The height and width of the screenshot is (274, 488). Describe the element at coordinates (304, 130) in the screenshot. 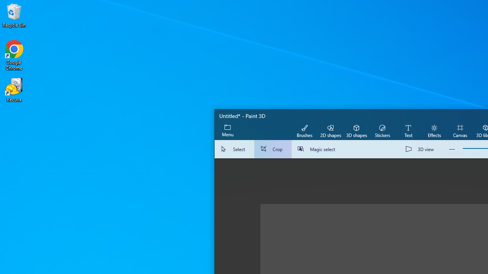

I see `'Brushes'` at that location.